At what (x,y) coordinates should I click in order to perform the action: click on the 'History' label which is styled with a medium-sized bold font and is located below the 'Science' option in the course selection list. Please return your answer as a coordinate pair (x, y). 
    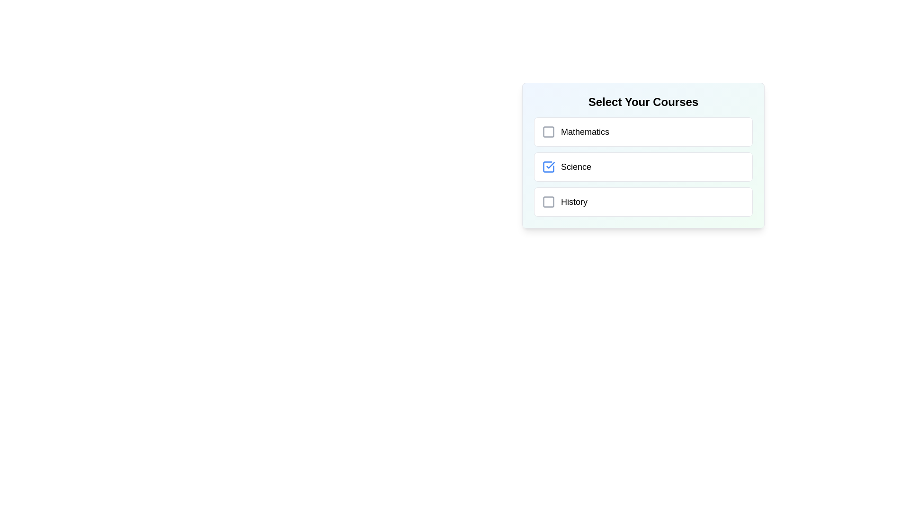
    Looking at the image, I should click on (574, 202).